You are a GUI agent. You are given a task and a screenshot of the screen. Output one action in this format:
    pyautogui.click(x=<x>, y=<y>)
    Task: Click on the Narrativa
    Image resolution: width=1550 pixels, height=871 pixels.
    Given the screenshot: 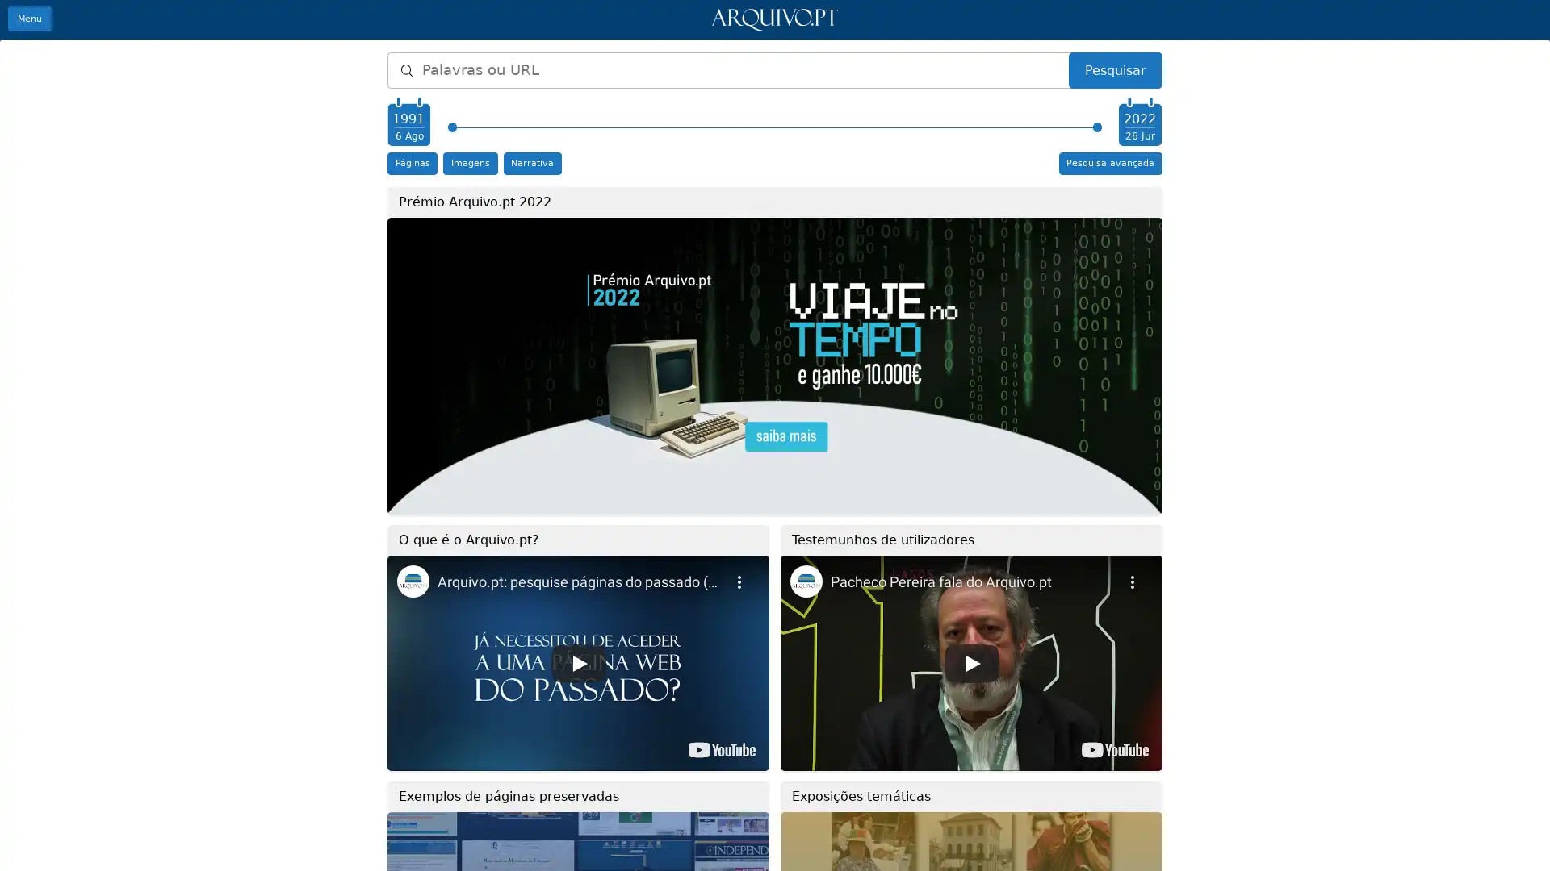 What is the action you would take?
    pyautogui.click(x=531, y=163)
    